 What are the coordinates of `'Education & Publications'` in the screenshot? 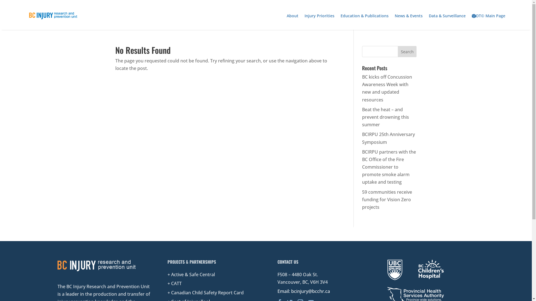 It's located at (364, 16).